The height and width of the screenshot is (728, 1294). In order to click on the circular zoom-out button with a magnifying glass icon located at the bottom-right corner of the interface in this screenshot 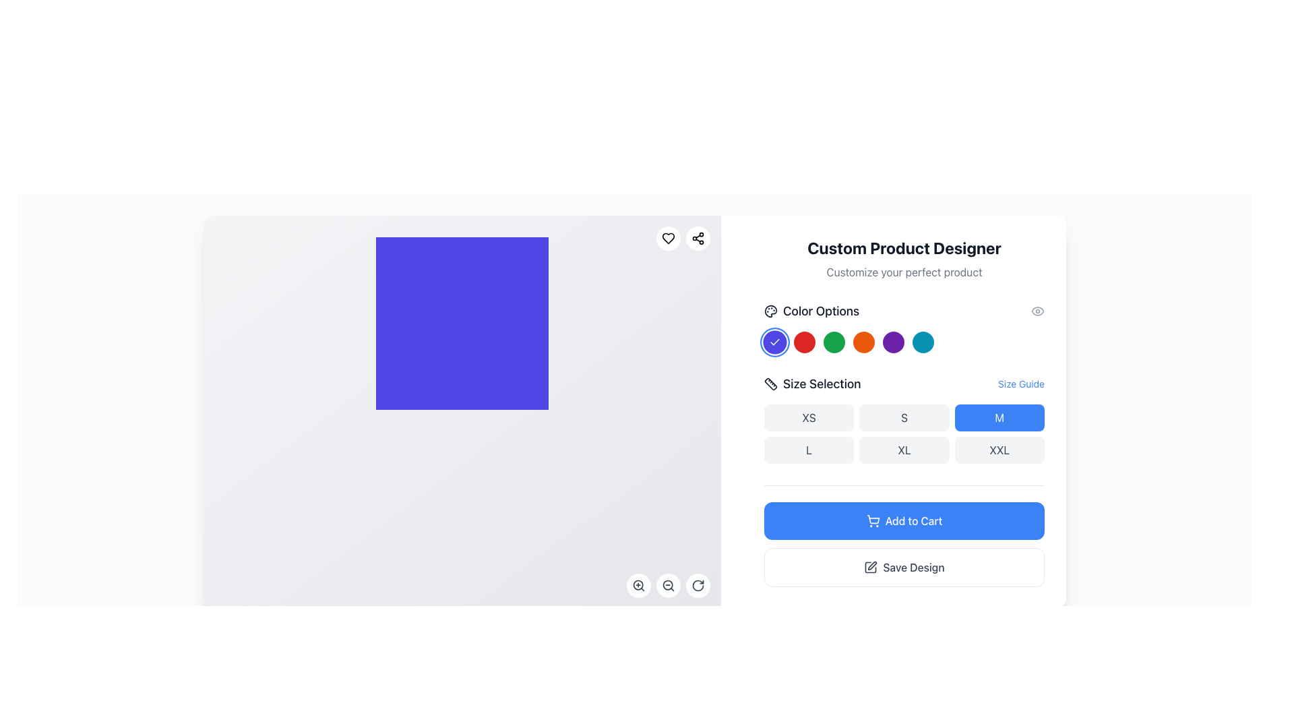, I will do `click(669, 584)`.